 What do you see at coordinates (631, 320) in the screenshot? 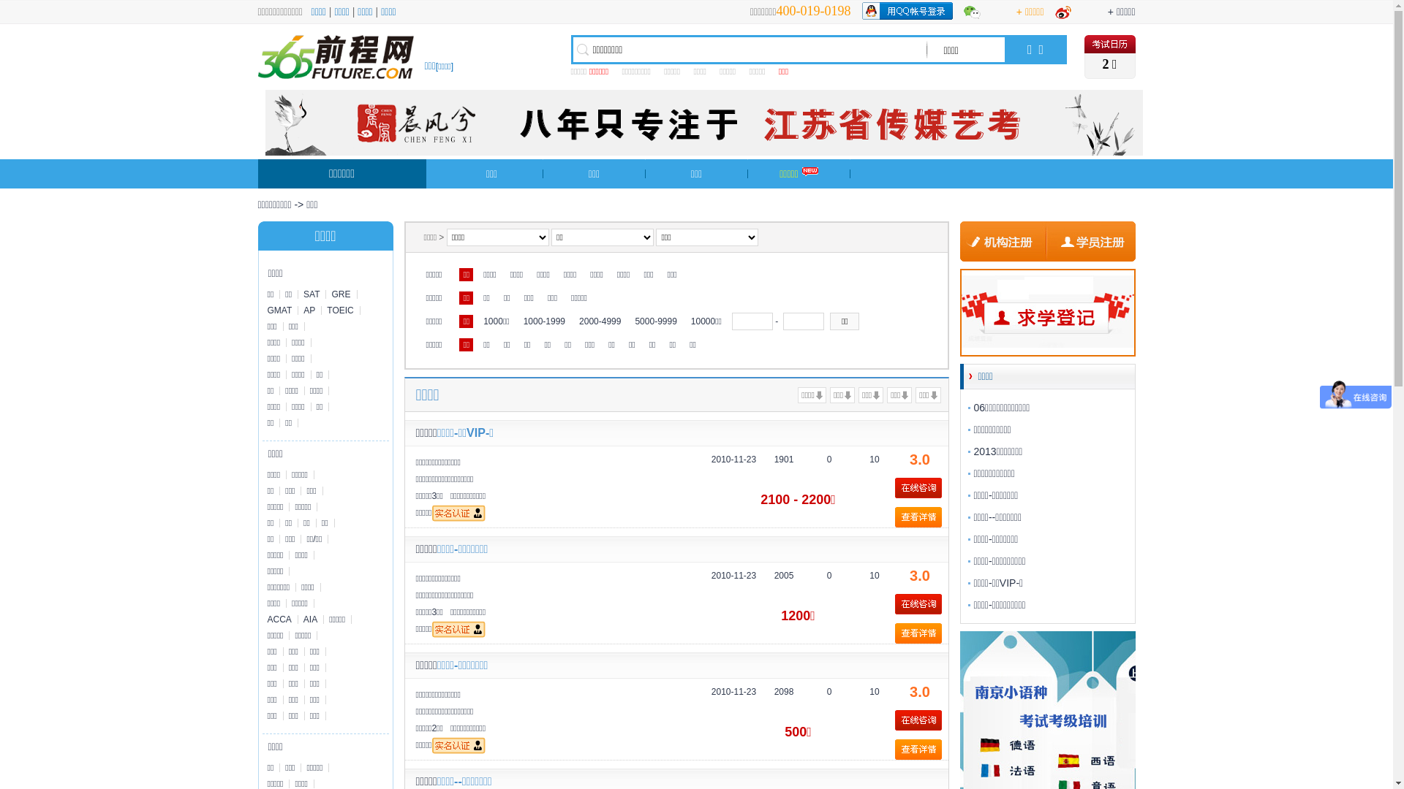
I see `'5000-9999'` at bounding box center [631, 320].